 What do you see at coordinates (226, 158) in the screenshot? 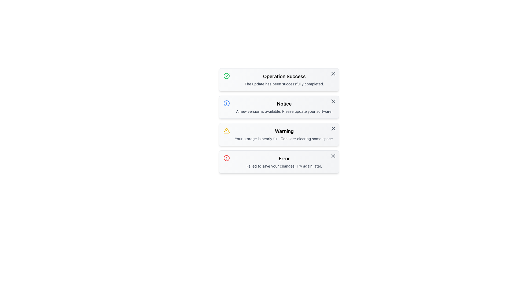
I see `the circular graphical element that signifies an error state within the error notification icon, located at the far left side adjacent to the text label 'Error'` at bounding box center [226, 158].